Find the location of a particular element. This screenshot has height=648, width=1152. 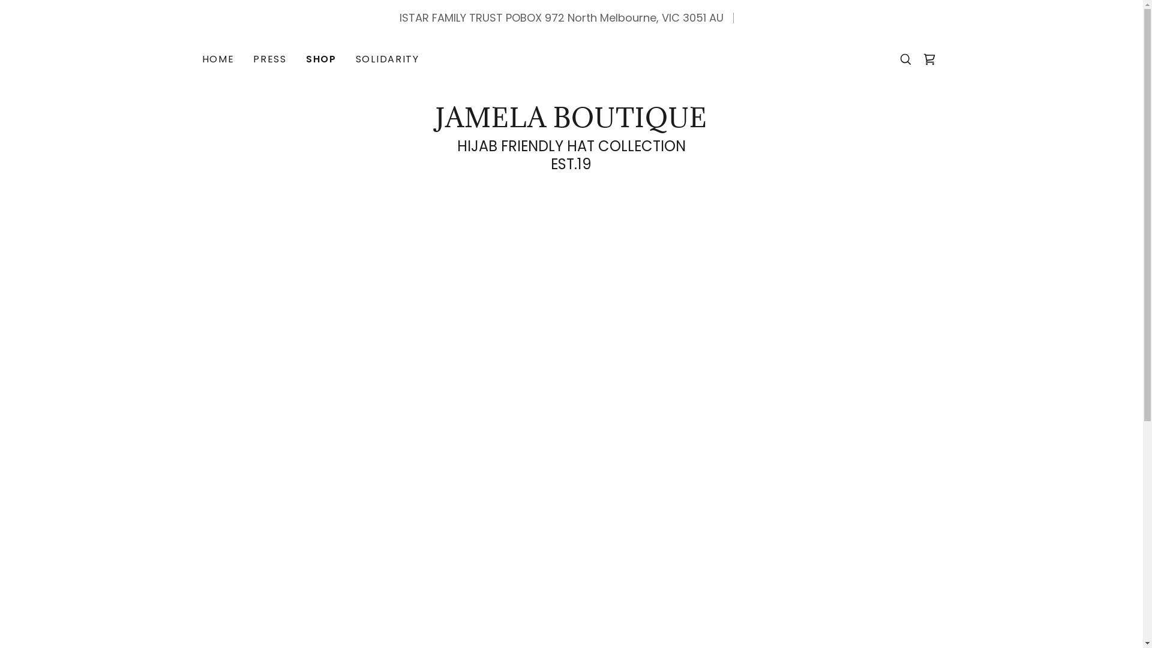

'SOLIDARITY' is located at coordinates (388, 59).